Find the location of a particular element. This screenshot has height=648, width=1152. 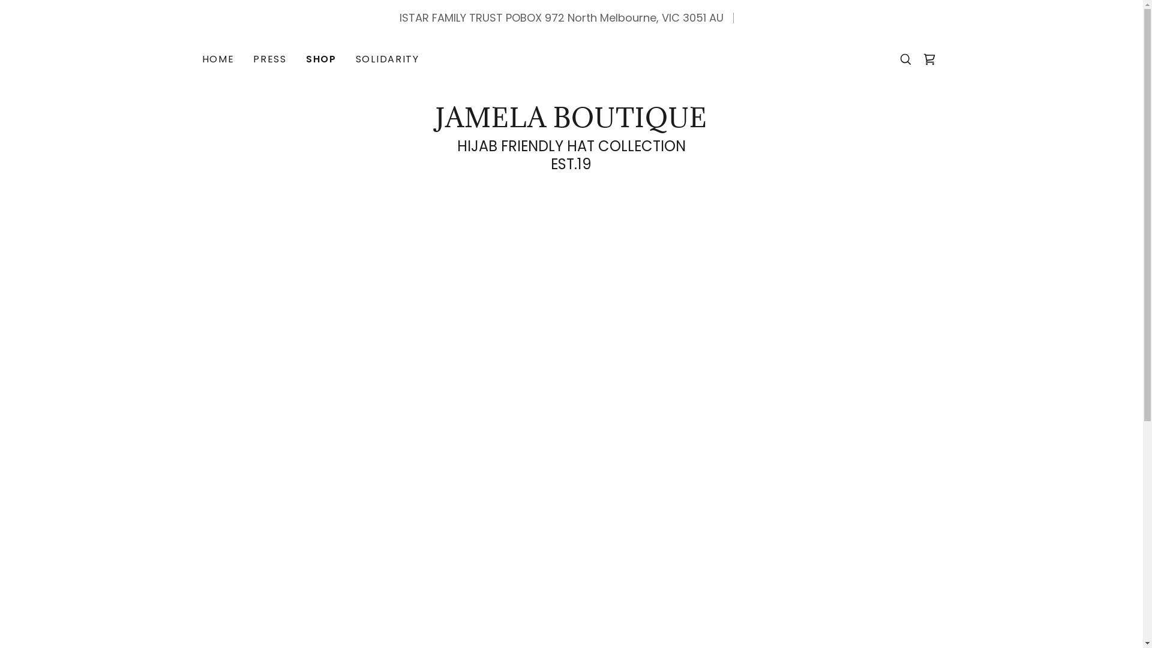

'SOLIDARITY' is located at coordinates (388, 59).